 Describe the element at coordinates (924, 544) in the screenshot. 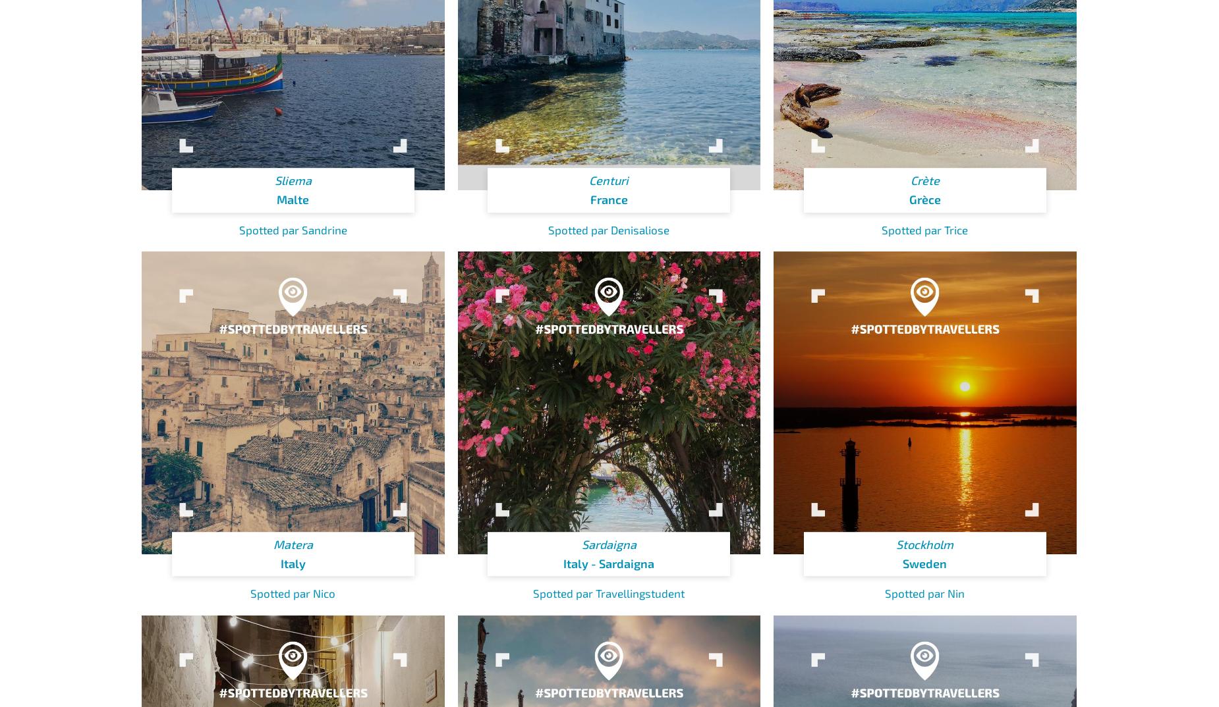

I see `'Stockholm'` at that location.